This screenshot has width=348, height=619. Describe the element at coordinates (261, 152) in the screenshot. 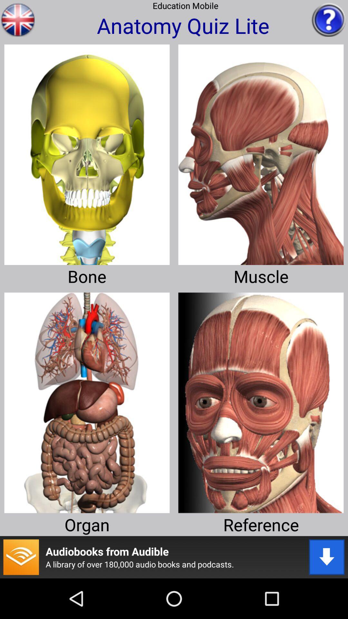

I see `image` at that location.